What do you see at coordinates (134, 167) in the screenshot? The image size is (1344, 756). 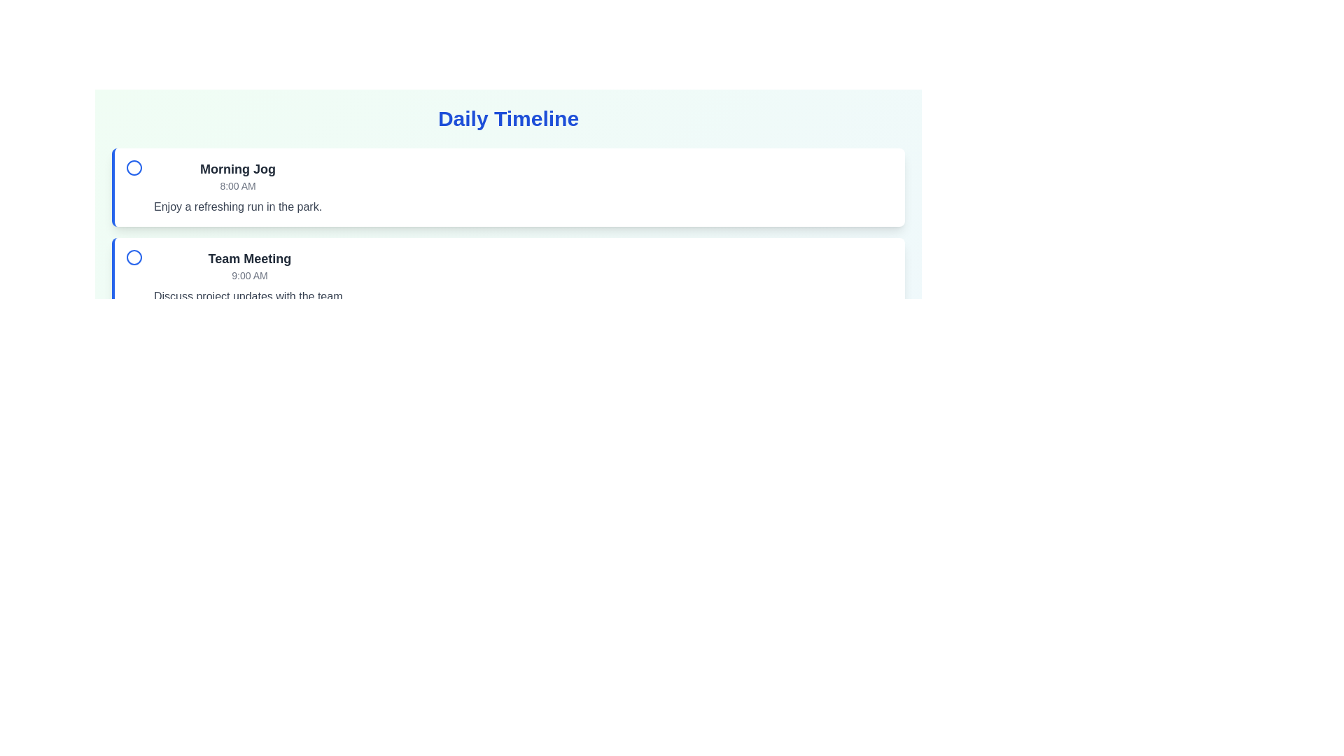 I see `vector graphic circle element that indicates the status of the 'Morning Jog' entry in the timeline by clicking on it` at bounding box center [134, 167].